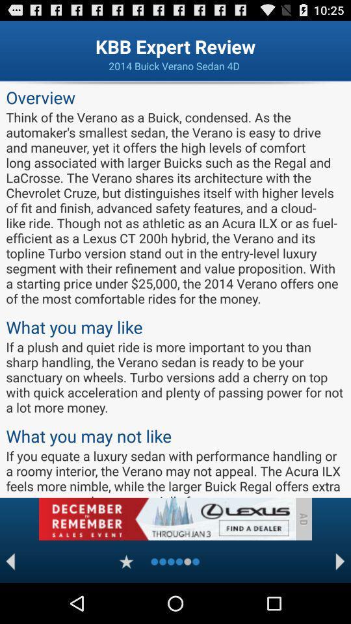 The image size is (351, 624). What do you see at coordinates (126, 601) in the screenshot?
I see `the star icon` at bounding box center [126, 601].